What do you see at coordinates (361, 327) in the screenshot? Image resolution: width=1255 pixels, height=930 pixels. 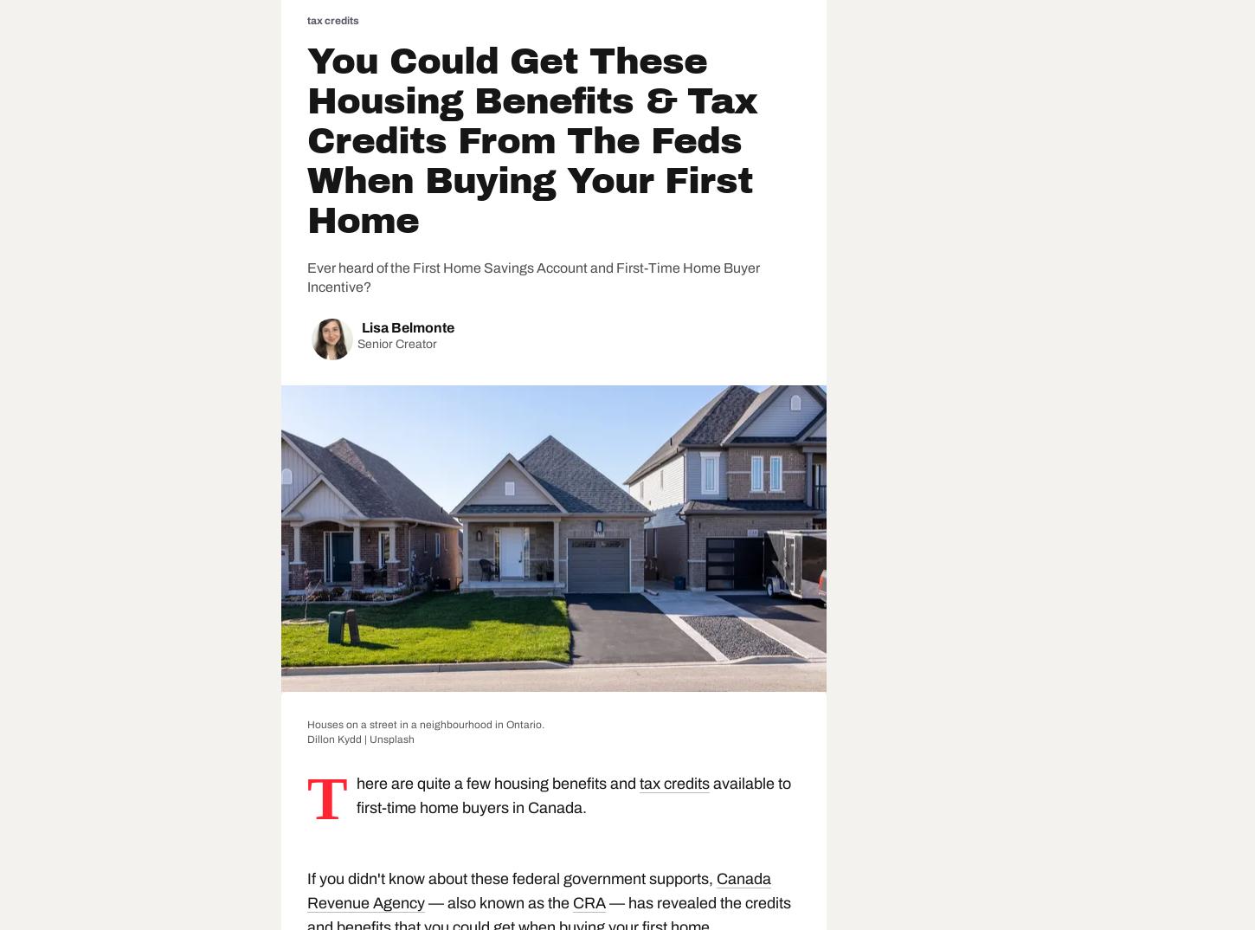 I see `'Lisa Belmonte'` at bounding box center [361, 327].